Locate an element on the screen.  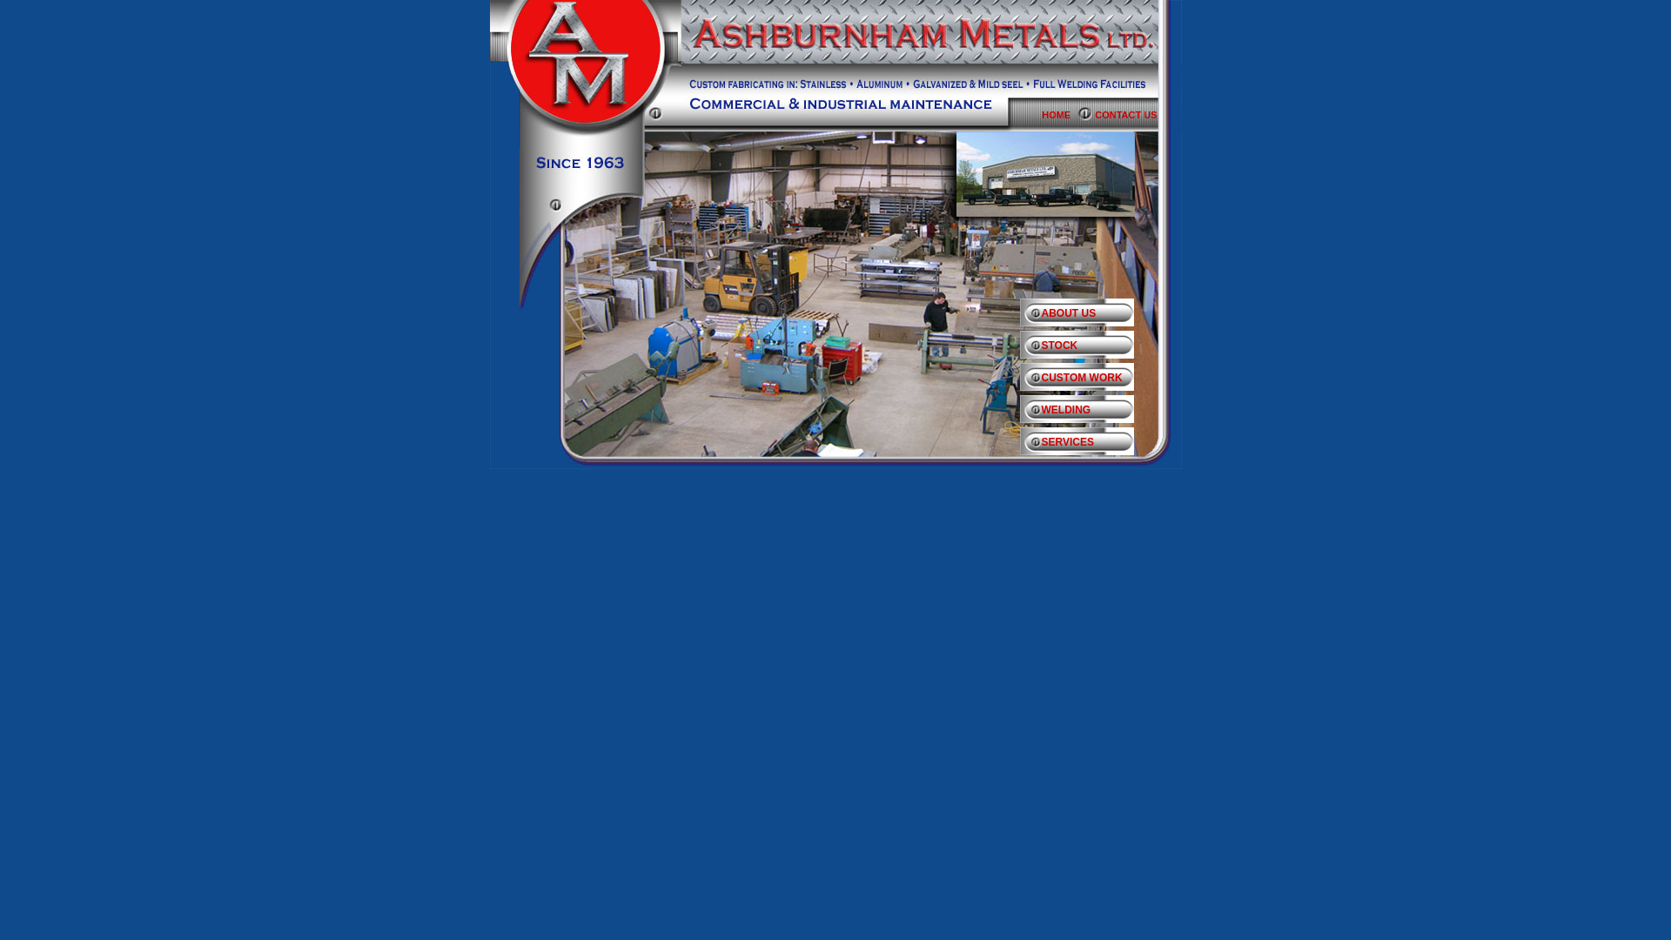
'SERVICES' is located at coordinates (1086, 445).